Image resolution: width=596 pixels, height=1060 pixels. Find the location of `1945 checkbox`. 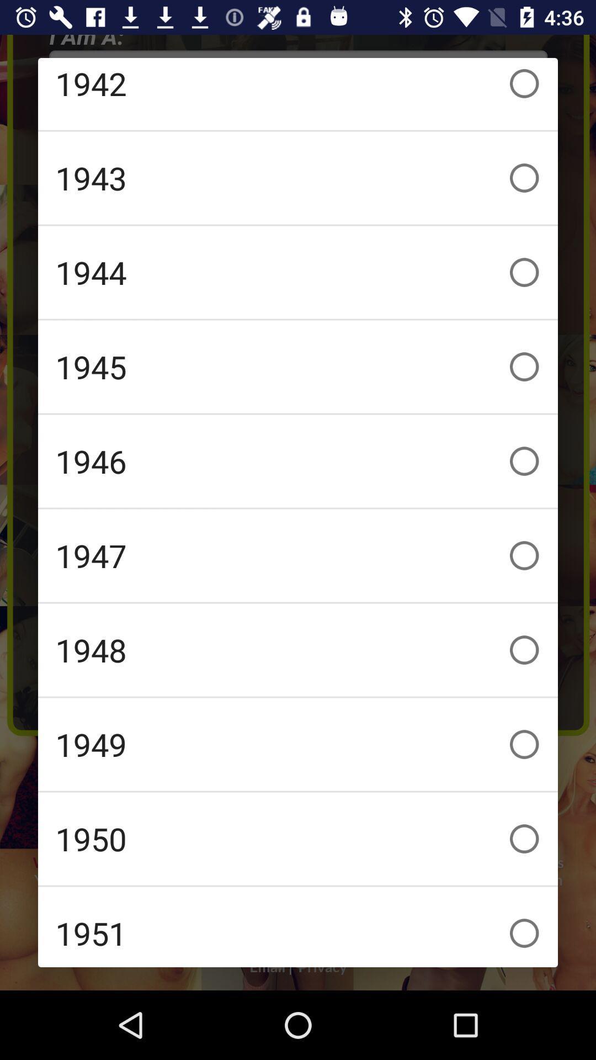

1945 checkbox is located at coordinates (298, 367).